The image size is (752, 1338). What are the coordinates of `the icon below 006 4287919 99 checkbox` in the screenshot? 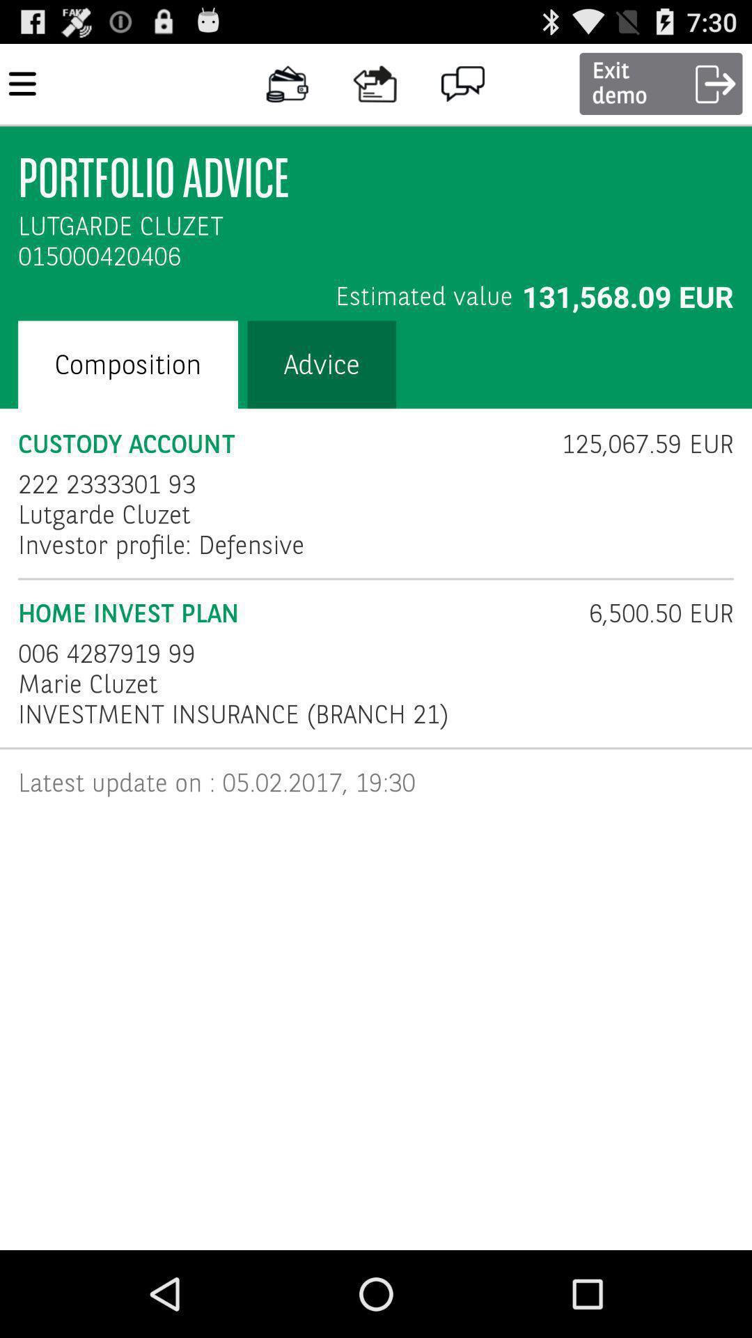 It's located at (88, 684).